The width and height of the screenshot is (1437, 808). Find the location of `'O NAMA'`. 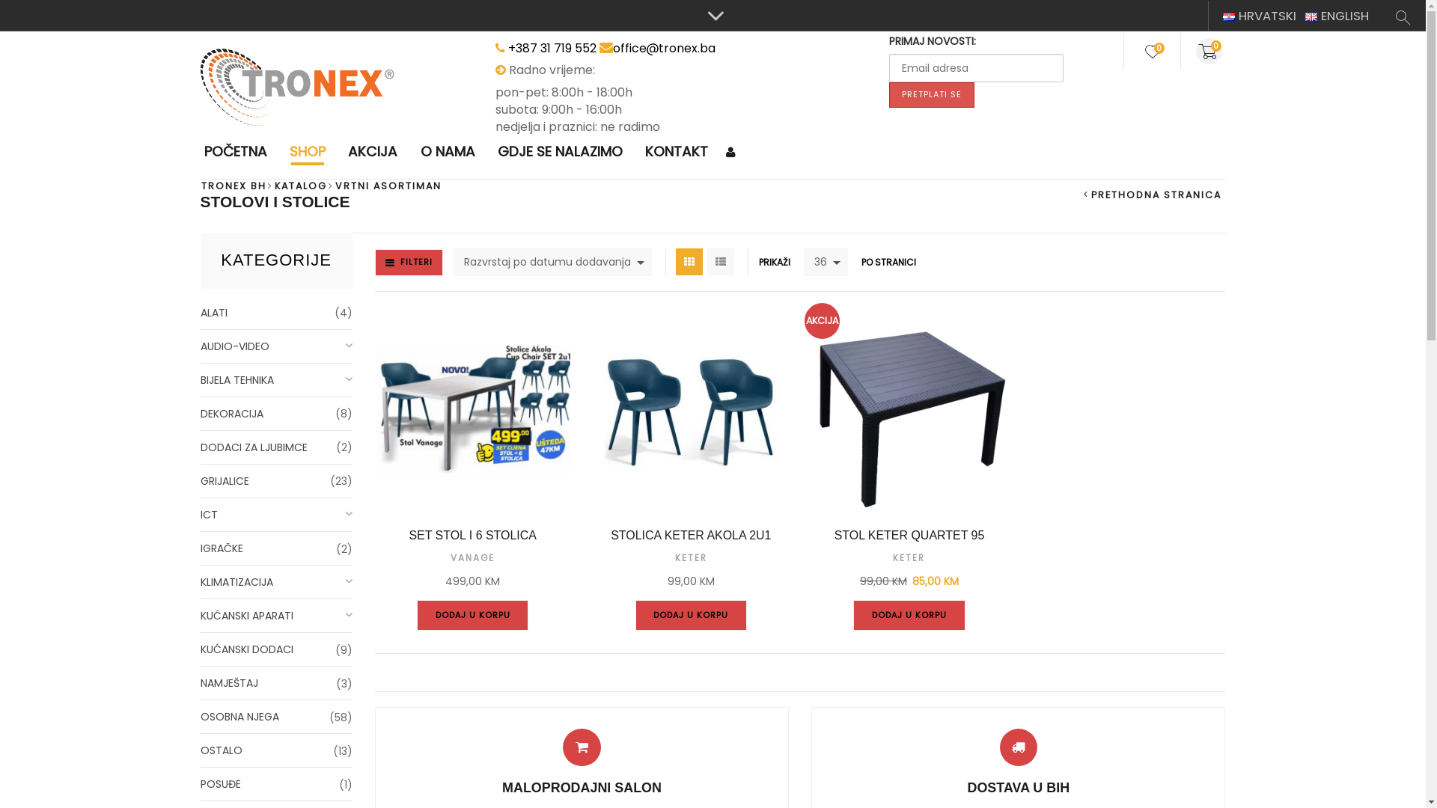

'O NAMA' is located at coordinates (447, 152).